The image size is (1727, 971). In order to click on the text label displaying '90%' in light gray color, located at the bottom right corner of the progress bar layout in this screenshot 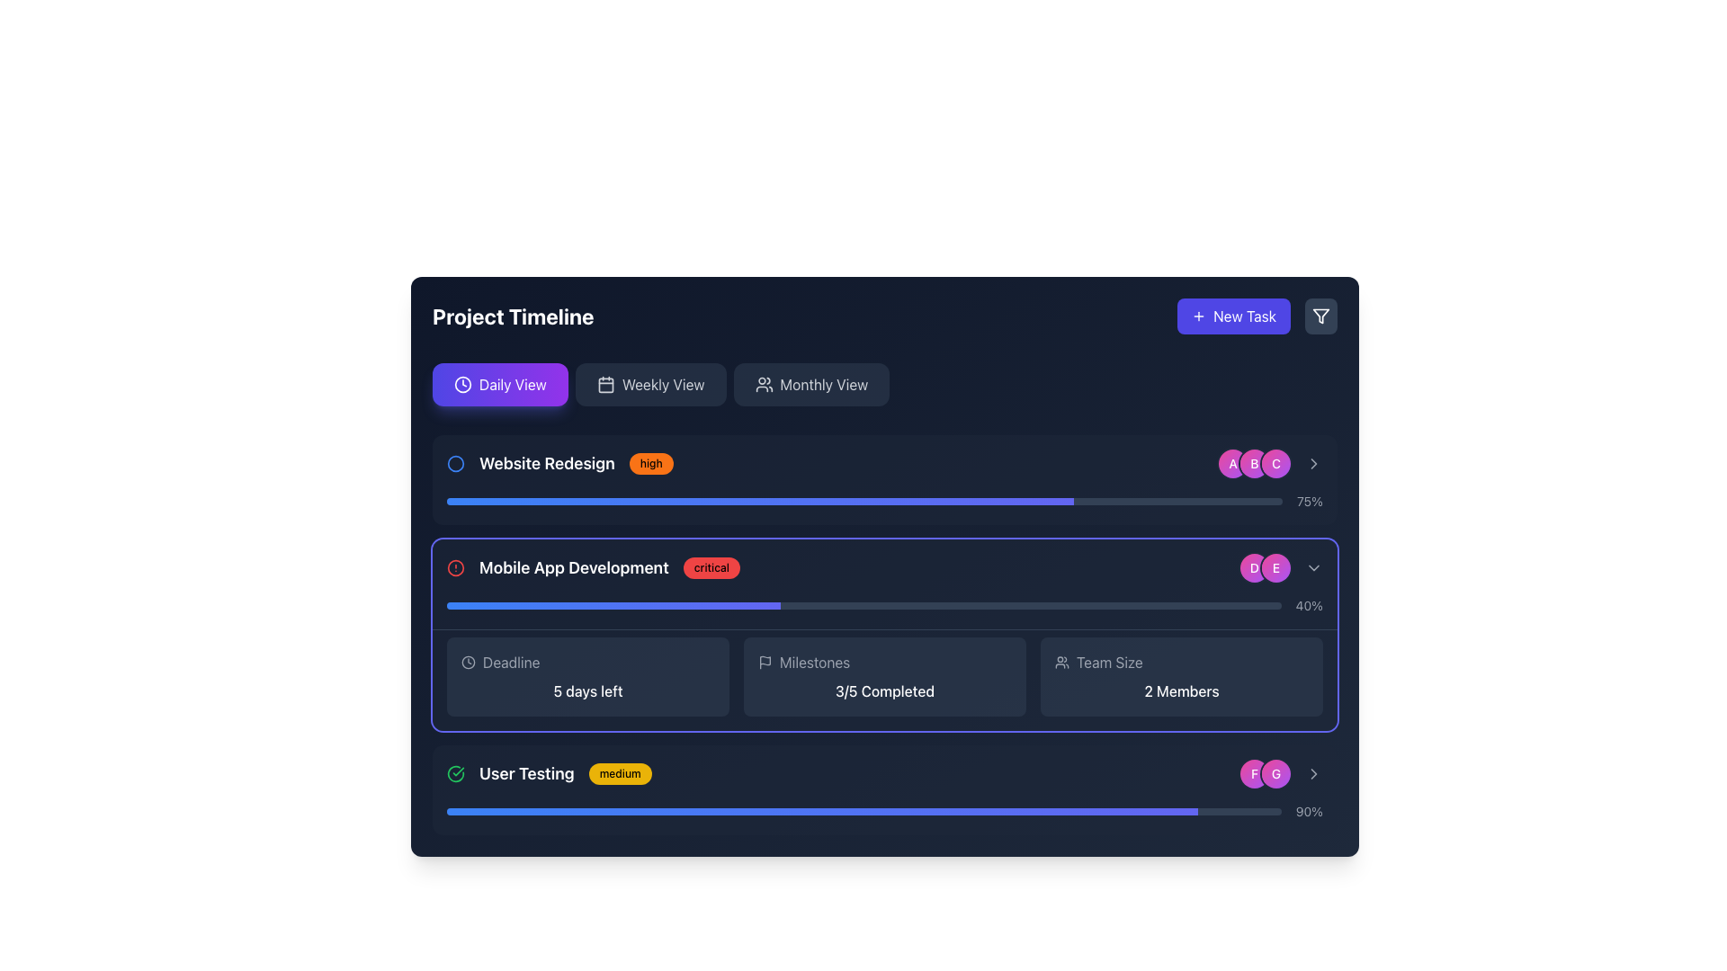, I will do `click(1309, 811)`.